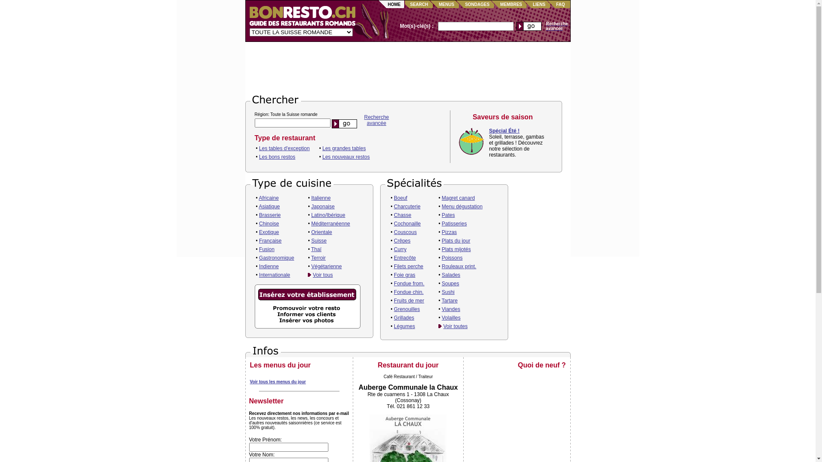 The width and height of the screenshot is (822, 462). Describe the element at coordinates (269, 214) in the screenshot. I see `'Brasserie'` at that location.